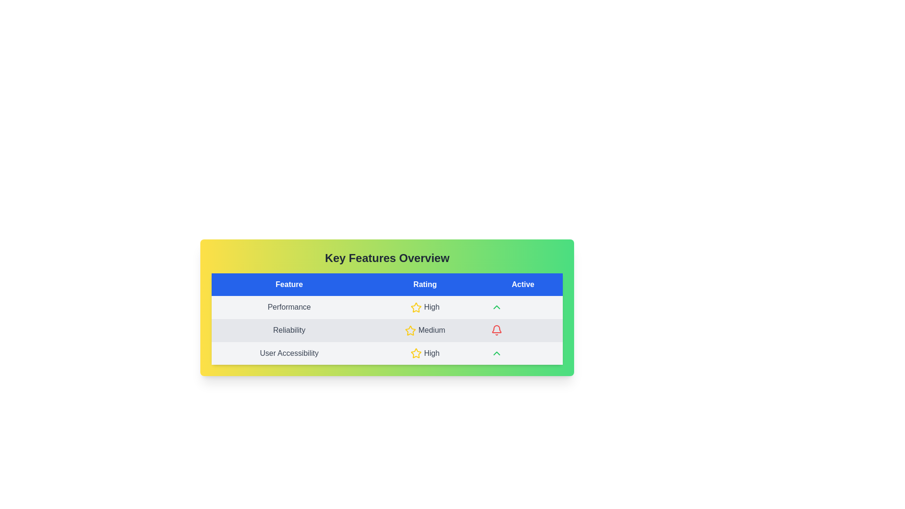  What do you see at coordinates (425, 284) in the screenshot?
I see `the Table Header labeled 'Rating' which has a blue background and white text, positioned between 'Feature' and 'Active' headers in a three-column table` at bounding box center [425, 284].